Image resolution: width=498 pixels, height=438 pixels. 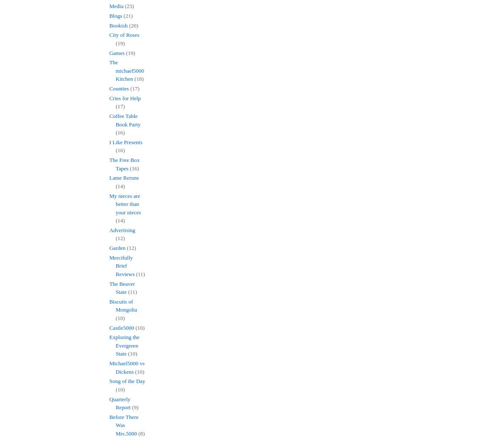 What do you see at coordinates (127, 381) in the screenshot?
I see `'Song of the Day'` at bounding box center [127, 381].